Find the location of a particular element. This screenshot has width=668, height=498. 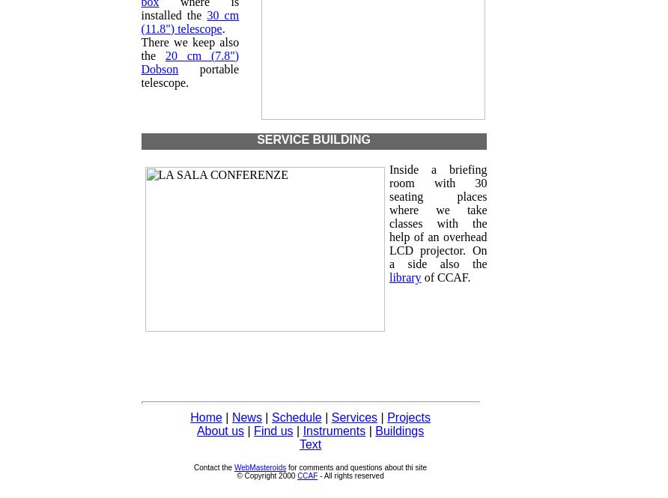

'for comments and questions about thi site' is located at coordinates (356, 467).